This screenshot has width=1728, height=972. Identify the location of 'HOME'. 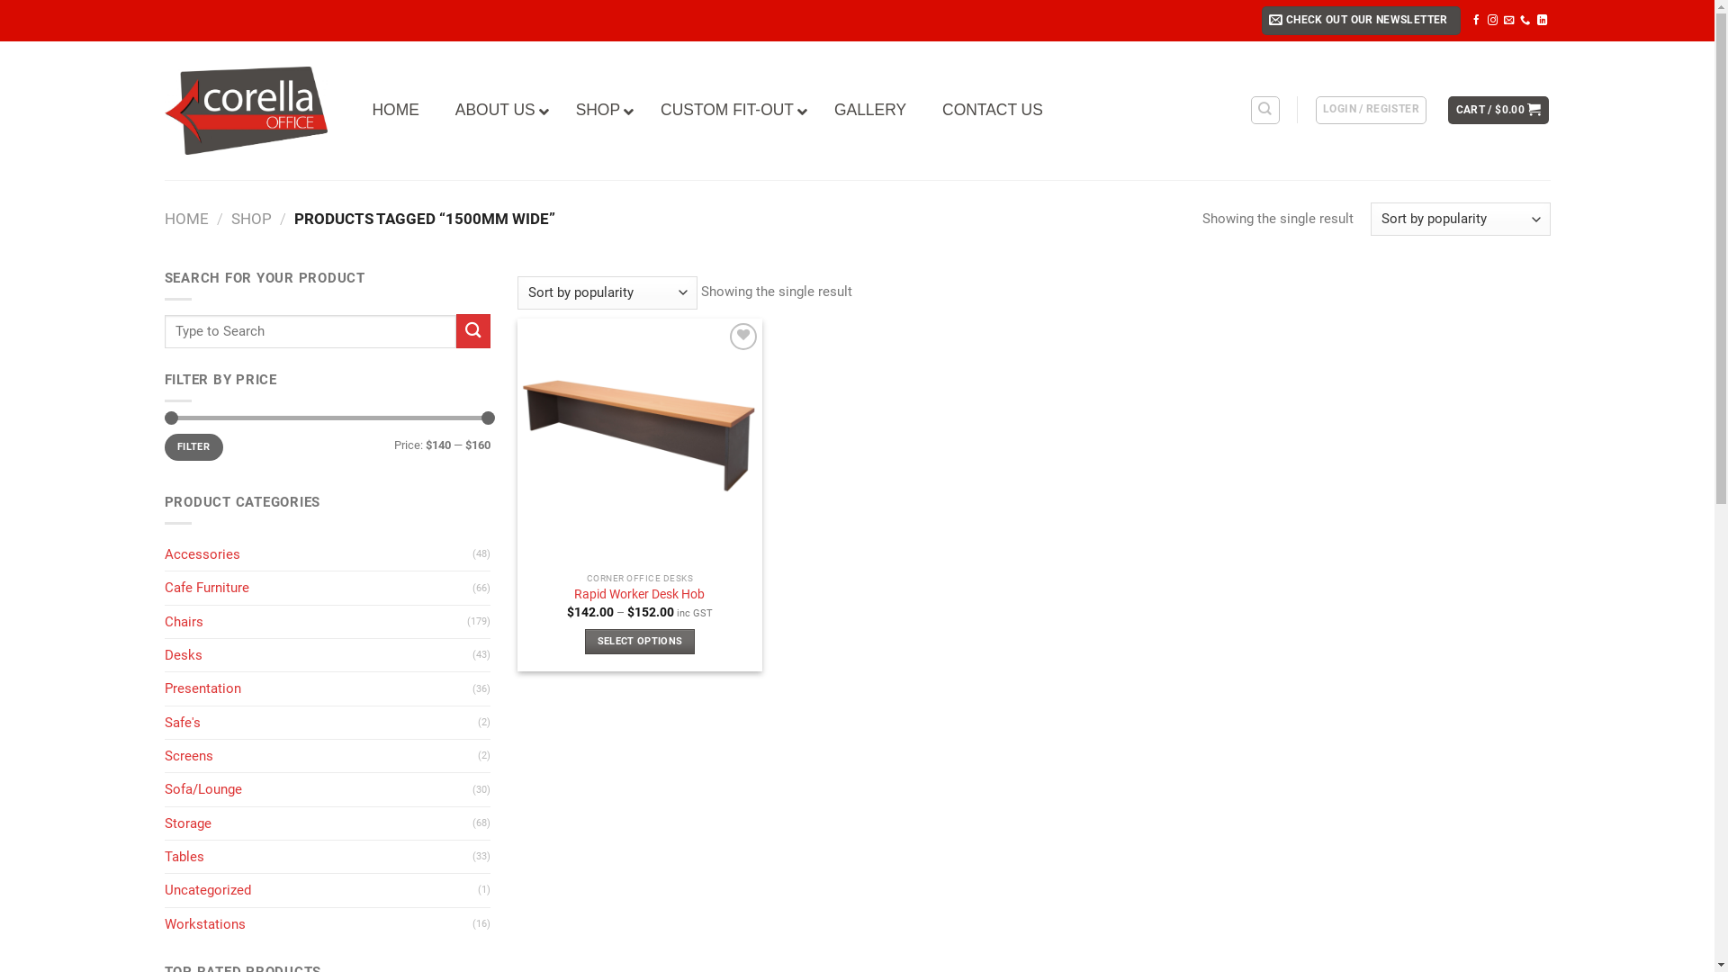
(395, 110).